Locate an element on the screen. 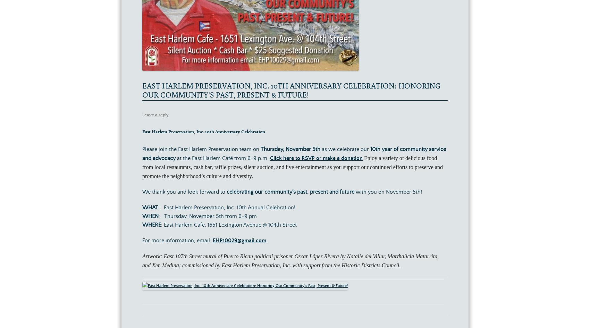 This screenshot has height=328, width=590. 'Please join the East Harlem Preservation team on' is located at coordinates (201, 149).